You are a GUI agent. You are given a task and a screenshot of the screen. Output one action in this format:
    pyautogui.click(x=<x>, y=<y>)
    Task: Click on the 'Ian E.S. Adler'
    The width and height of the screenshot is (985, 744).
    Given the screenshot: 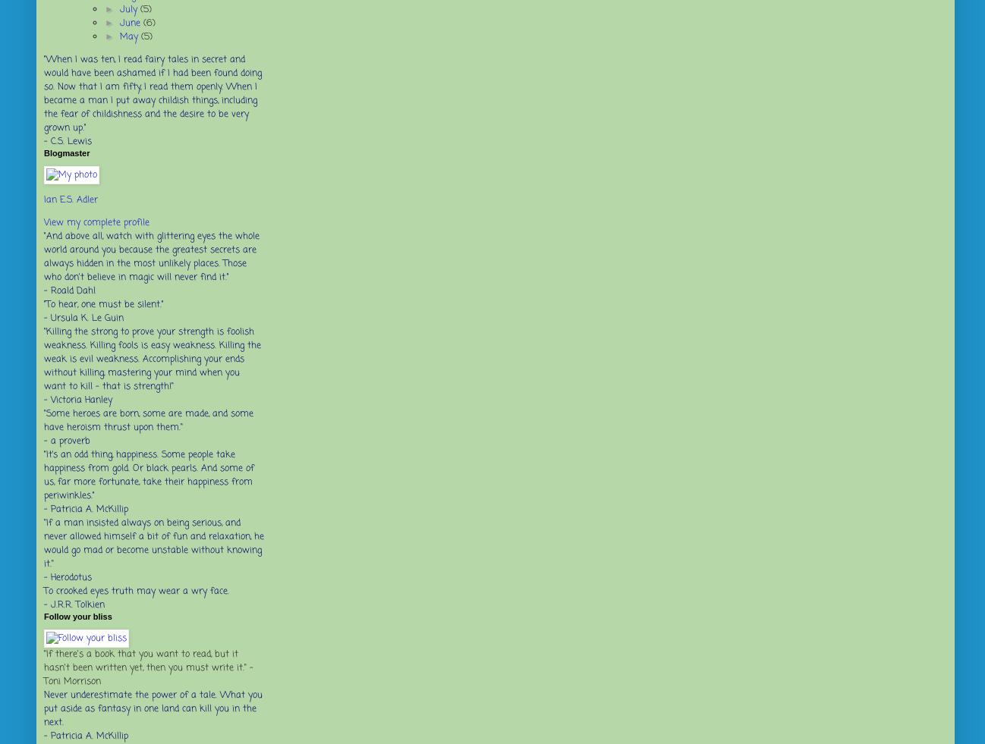 What is the action you would take?
    pyautogui.click(x=71, y=199)
    